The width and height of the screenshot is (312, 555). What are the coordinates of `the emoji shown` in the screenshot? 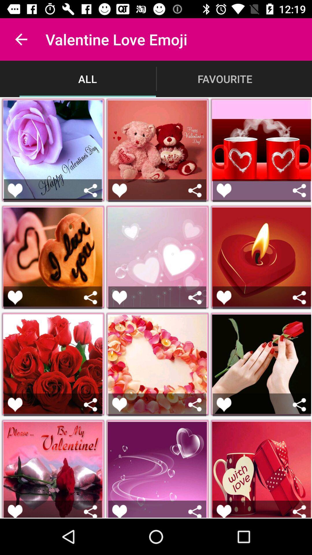 It's located at (224, 404).